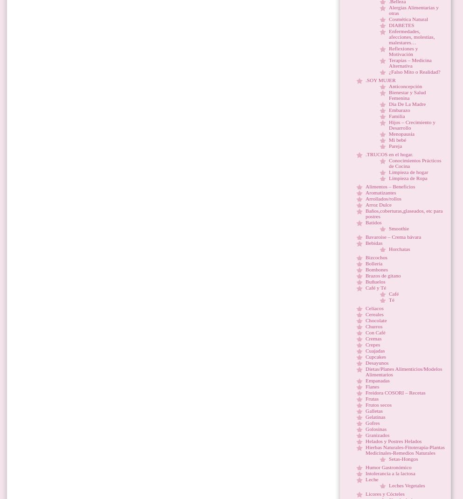 This screenshot has height=499, width=463. Describe the element at coordinates (373, 263) in the screenshot. I see `'Bollería'` at that location.